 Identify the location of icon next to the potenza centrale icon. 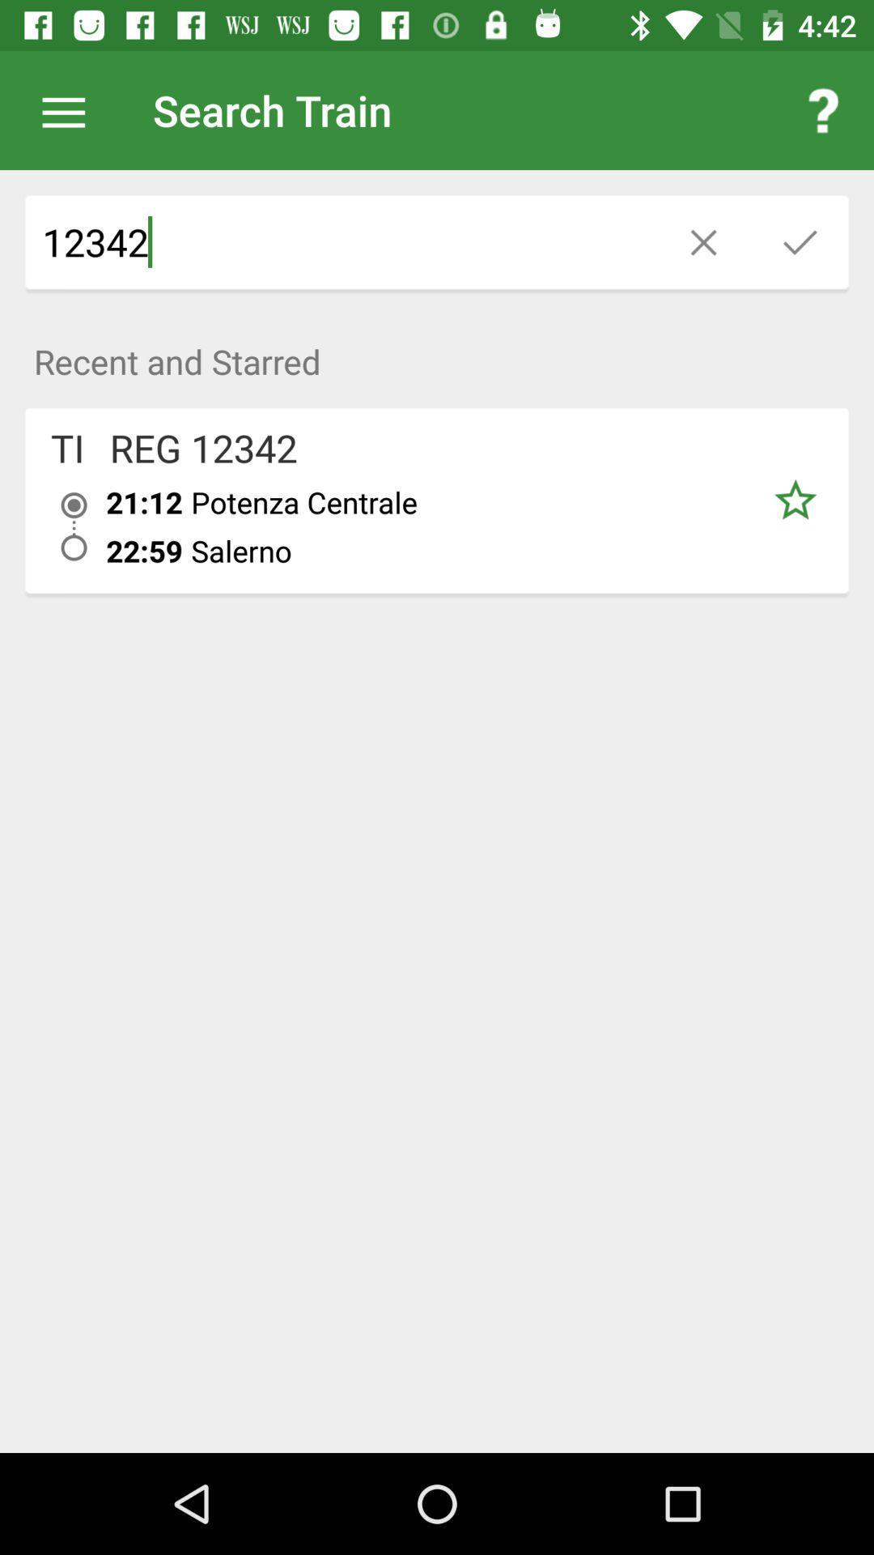
(143, 551).